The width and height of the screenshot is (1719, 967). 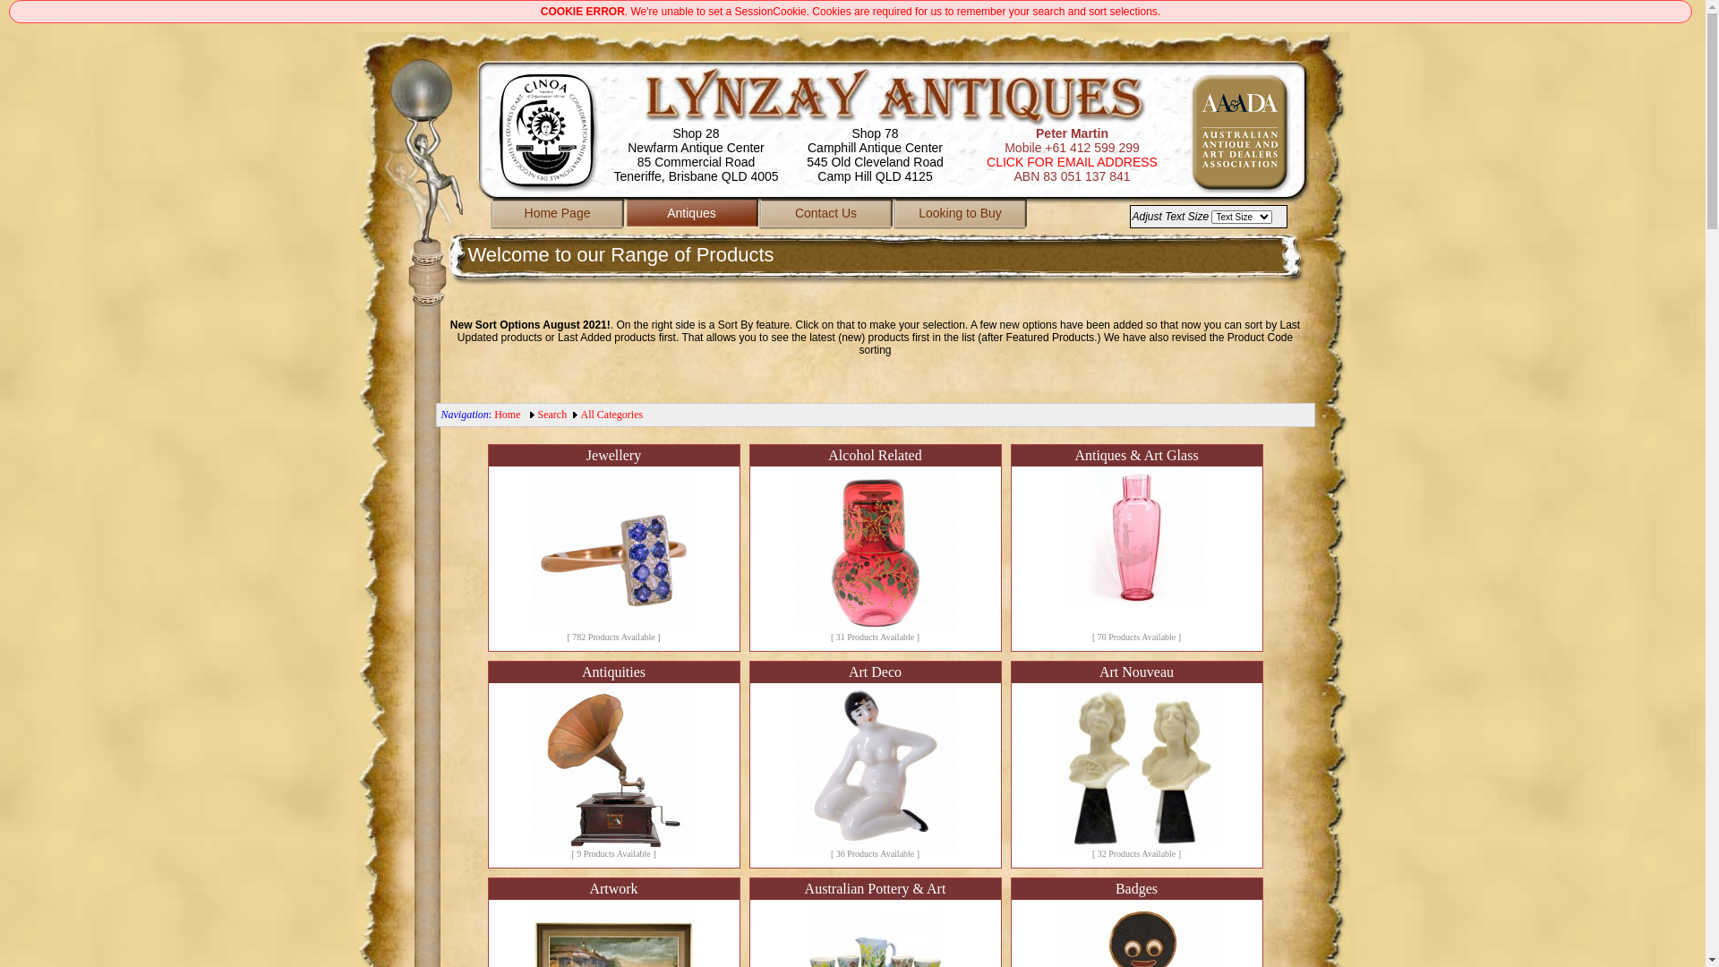 What do you see at coordinates (825, 214) in the screenshot?
I see `'Contact Us'` at bounding box center [825, 214].